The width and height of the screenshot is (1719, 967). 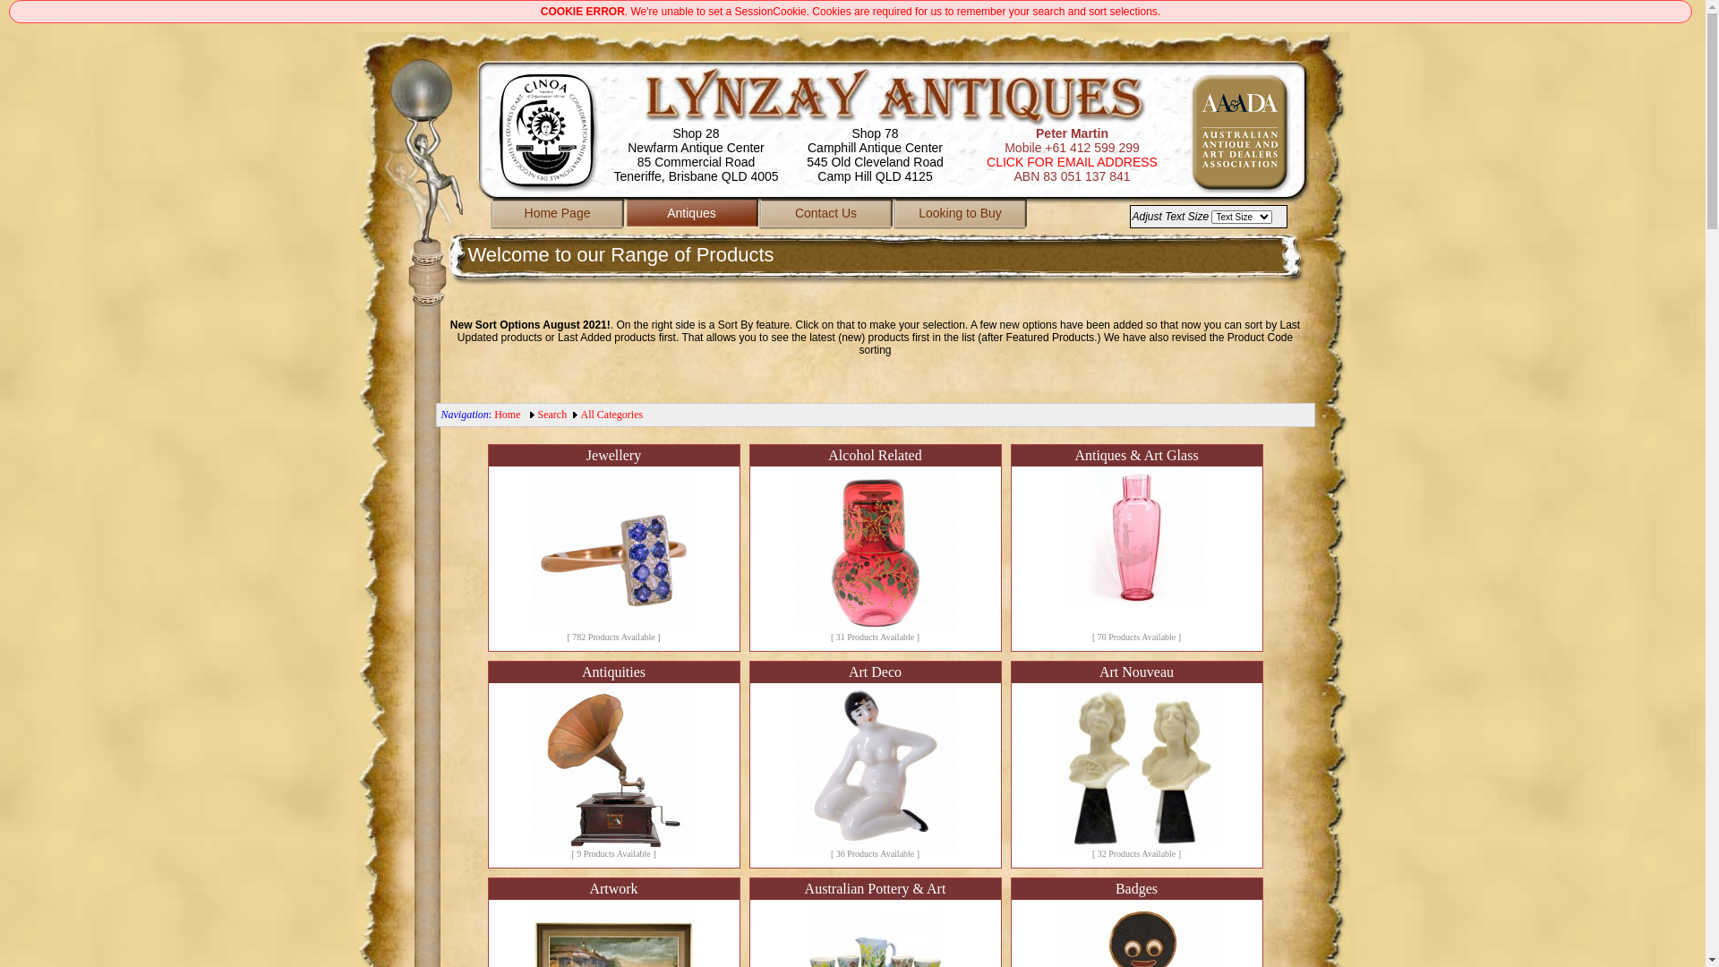 What do you see at coordinates (825, 214) in the screenshot?
I see `'Contact Us'` at bounding box center [825, 214].